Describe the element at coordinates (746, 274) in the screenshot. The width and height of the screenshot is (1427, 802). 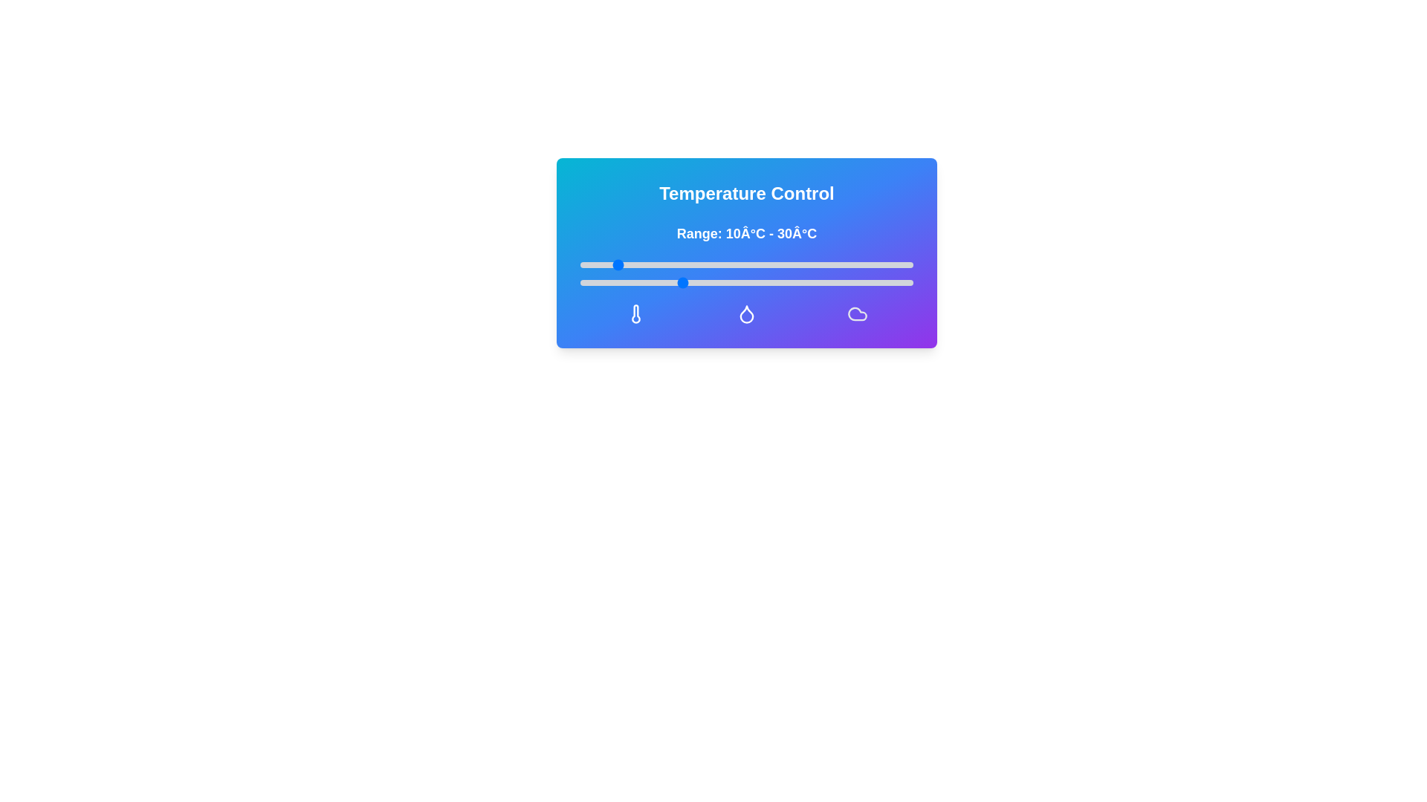
I see `and drag the sliders of the vertical stack containing two range sliders, which are centrally placed beneath the text 'Range: 10°C - 30°C', to adjust their values` at that location.